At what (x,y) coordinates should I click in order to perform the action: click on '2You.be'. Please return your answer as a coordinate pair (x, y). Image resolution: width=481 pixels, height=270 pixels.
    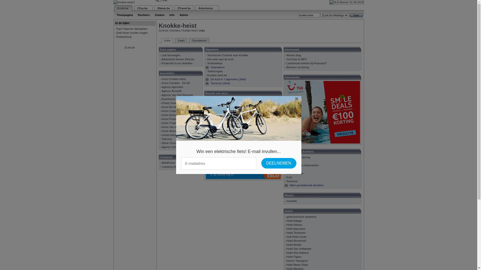
    Looking at the image, I should click on (142, 8).